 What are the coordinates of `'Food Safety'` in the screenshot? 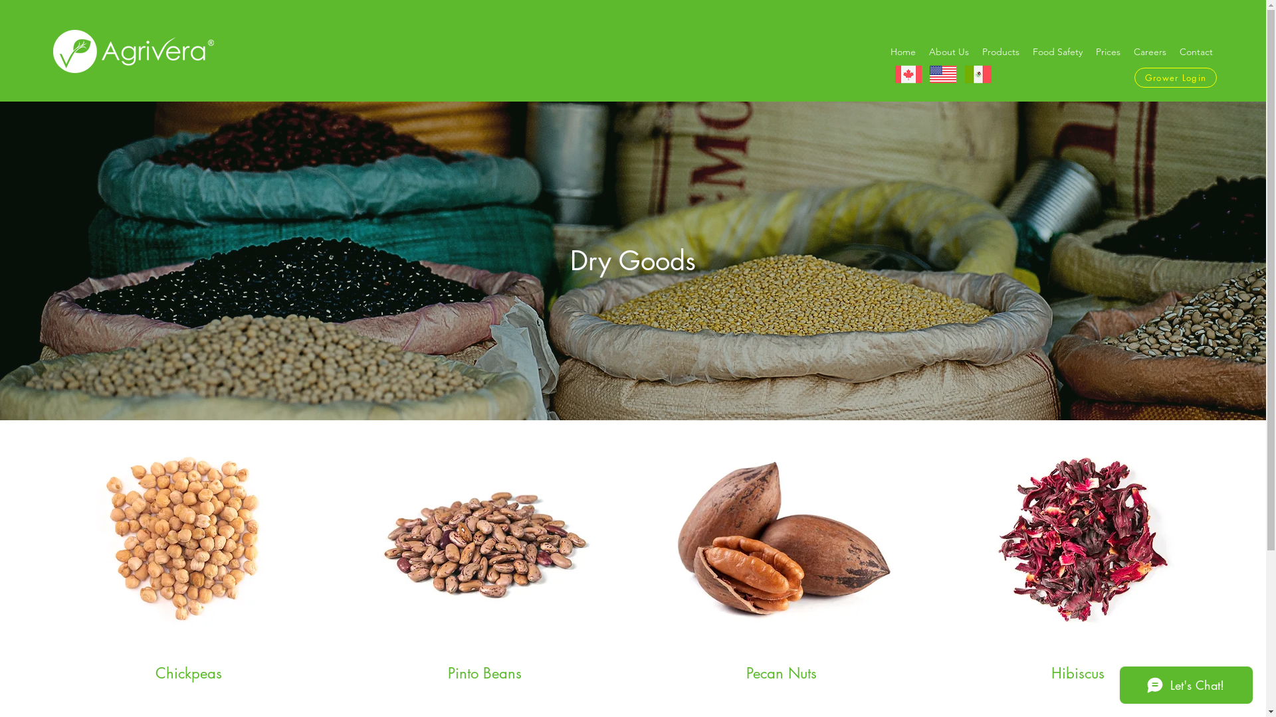 It's located at (1057, 50).